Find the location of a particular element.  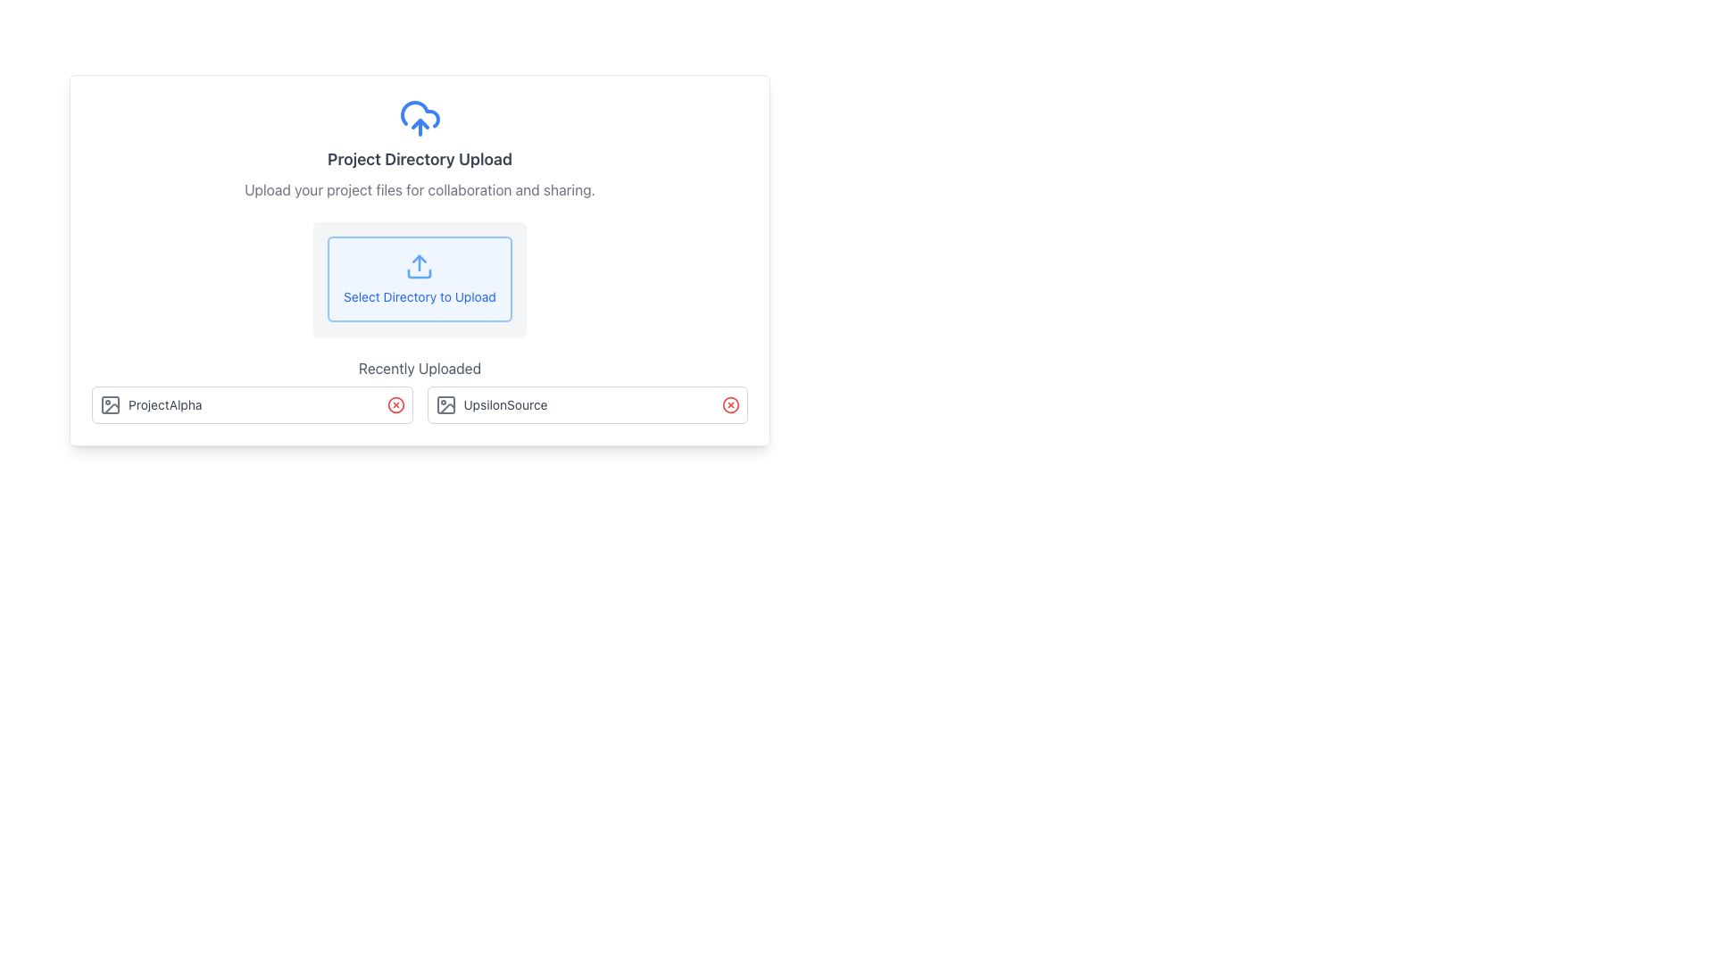

the Text Label displaying 'UpsilonSource', which is styled with a small-sized gray font and located between an icon and a red close button is located at coordinates (504, 405).